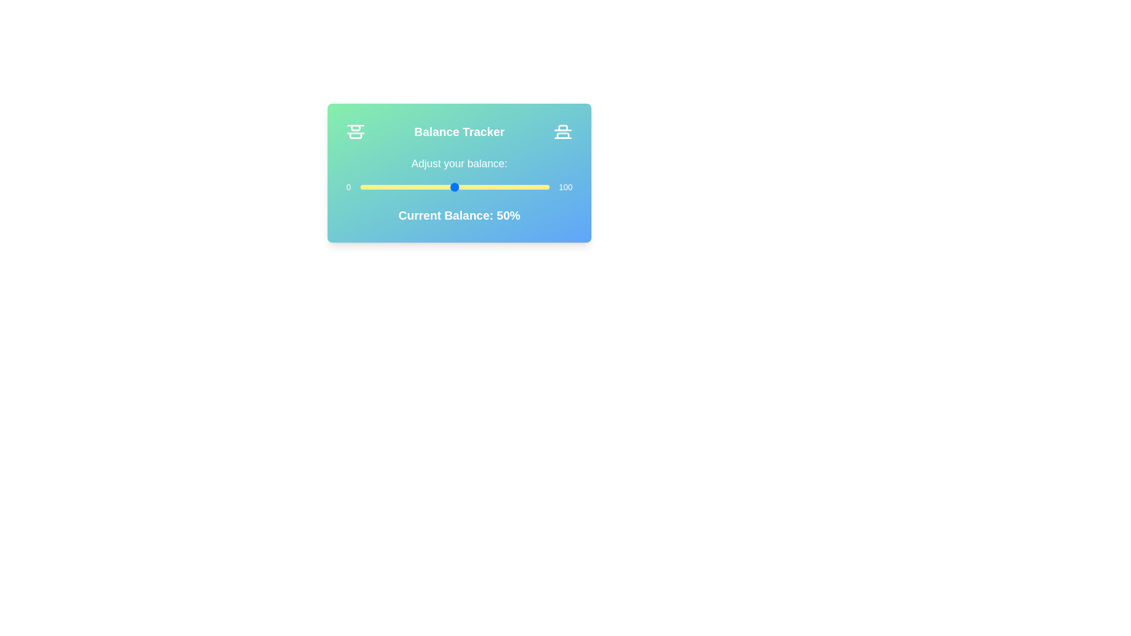 This screenshot has height=636, width=1131. Describe the element at coordinates (400, 186) in the screenshot. I see `the balance slider to 21 percent` at that location.